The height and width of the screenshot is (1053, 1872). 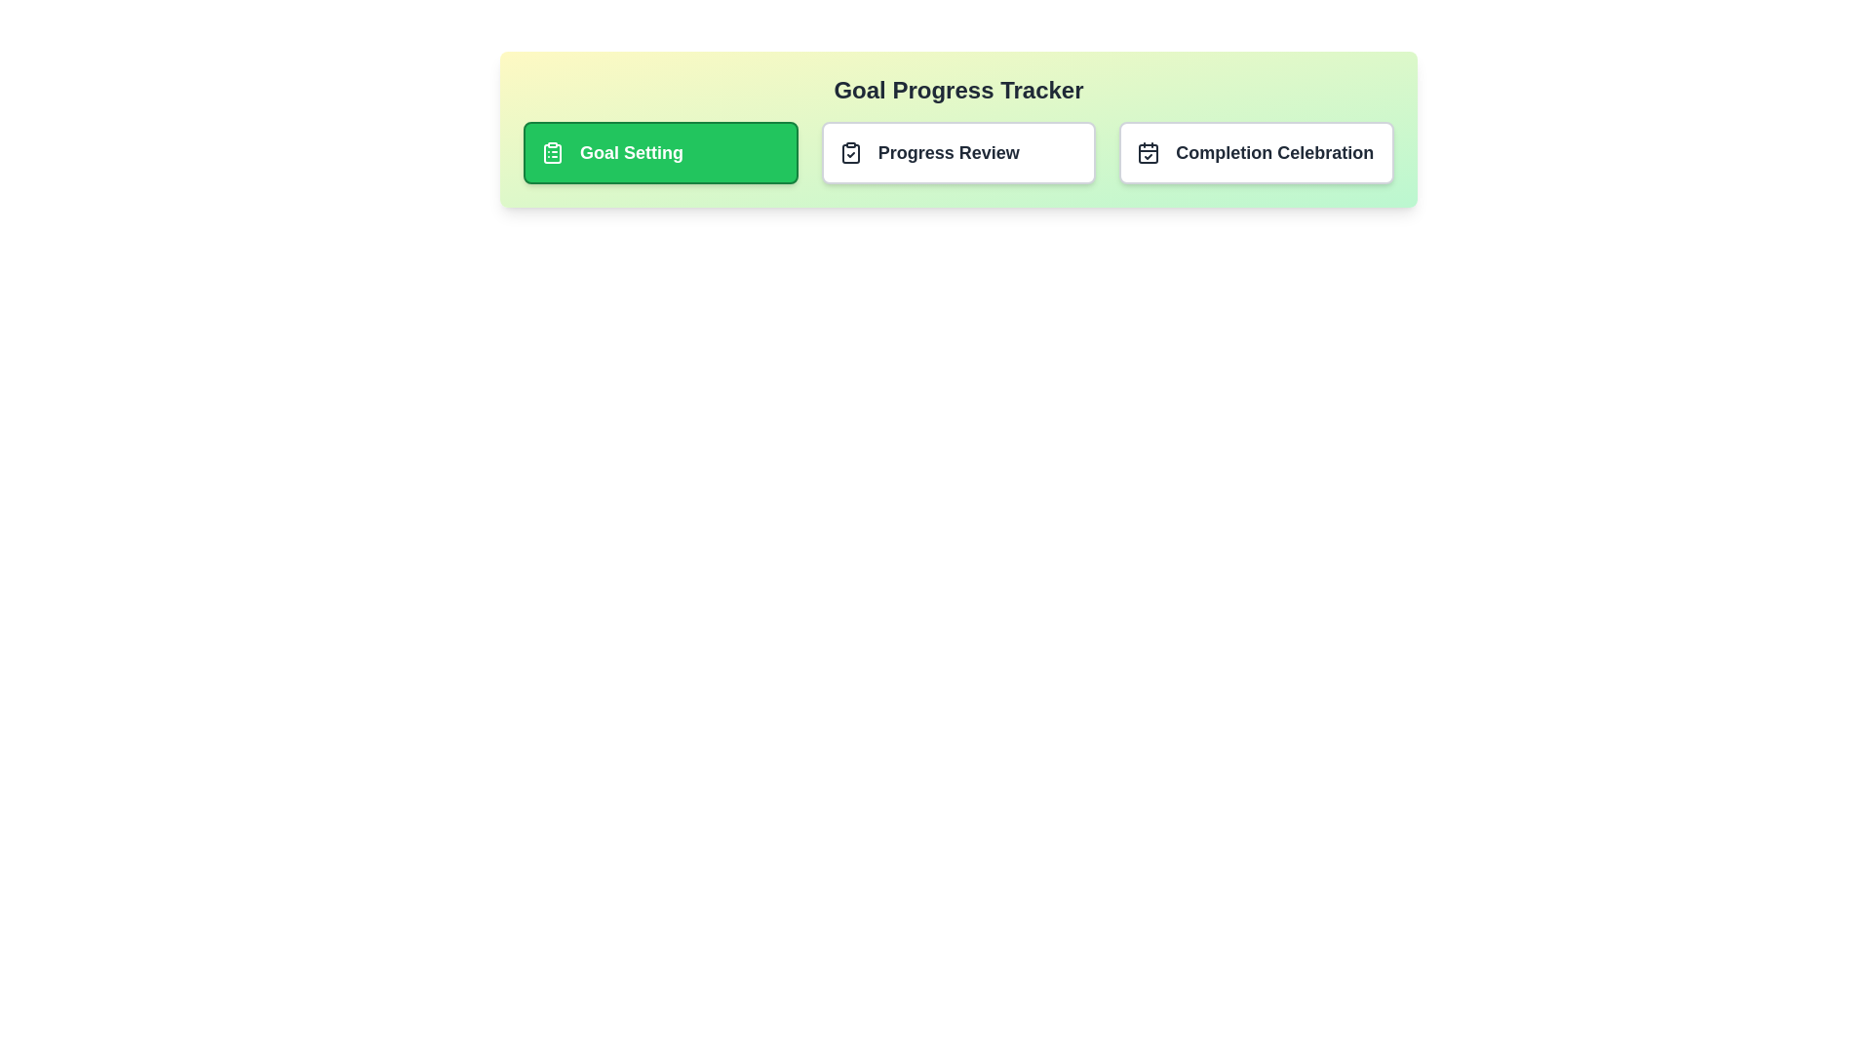 What do you see at coordinates (850, 152) in the screenshot?
I see `the icon associated with the milestone Progress Review` at bounding box center [850, 152].